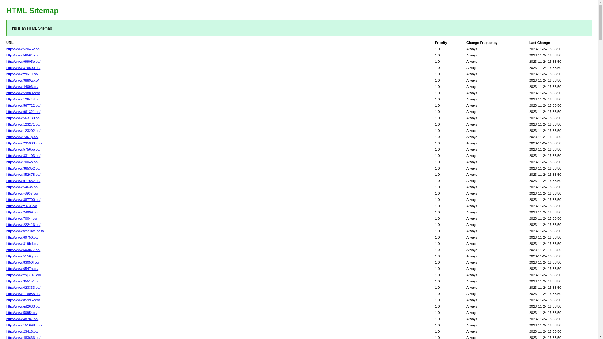  Describe the element at coordinates (6, 68) in the screenshot. I see `'http://www.376600.co/'` at that location.